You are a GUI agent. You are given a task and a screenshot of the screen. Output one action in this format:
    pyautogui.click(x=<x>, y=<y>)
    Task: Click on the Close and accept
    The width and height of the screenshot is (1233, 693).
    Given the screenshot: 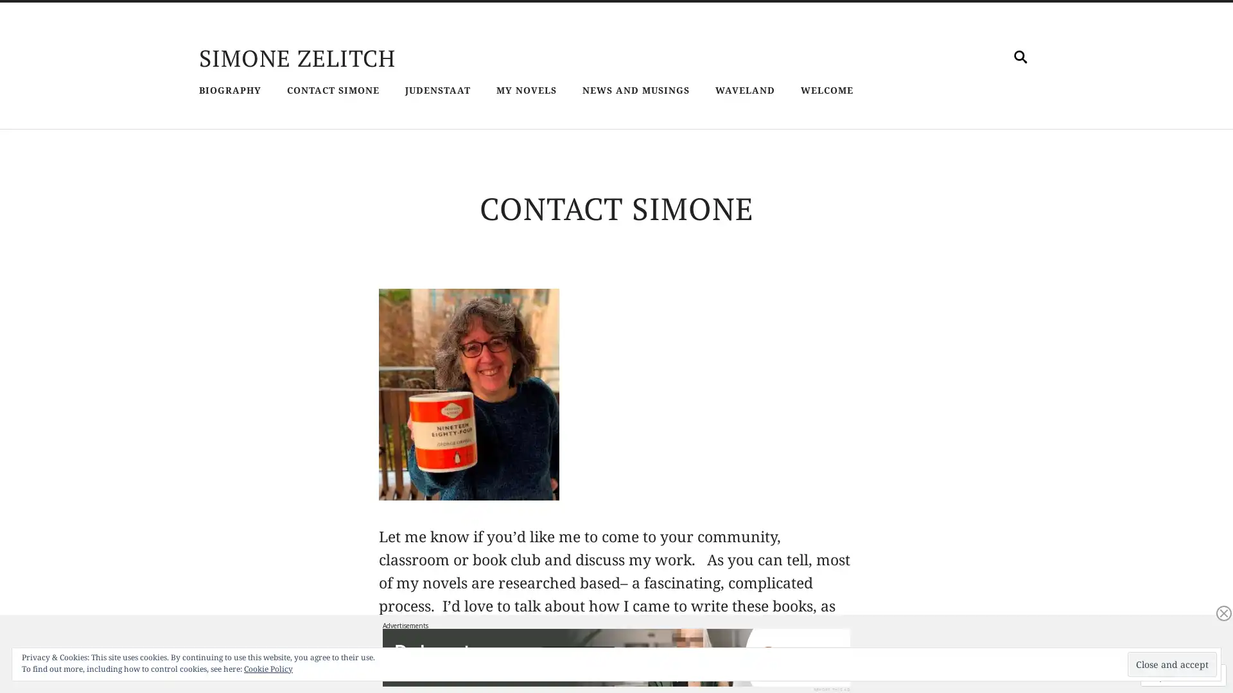 What is the action you would take?
    pyautogui.click(x=1172, y=664)
    